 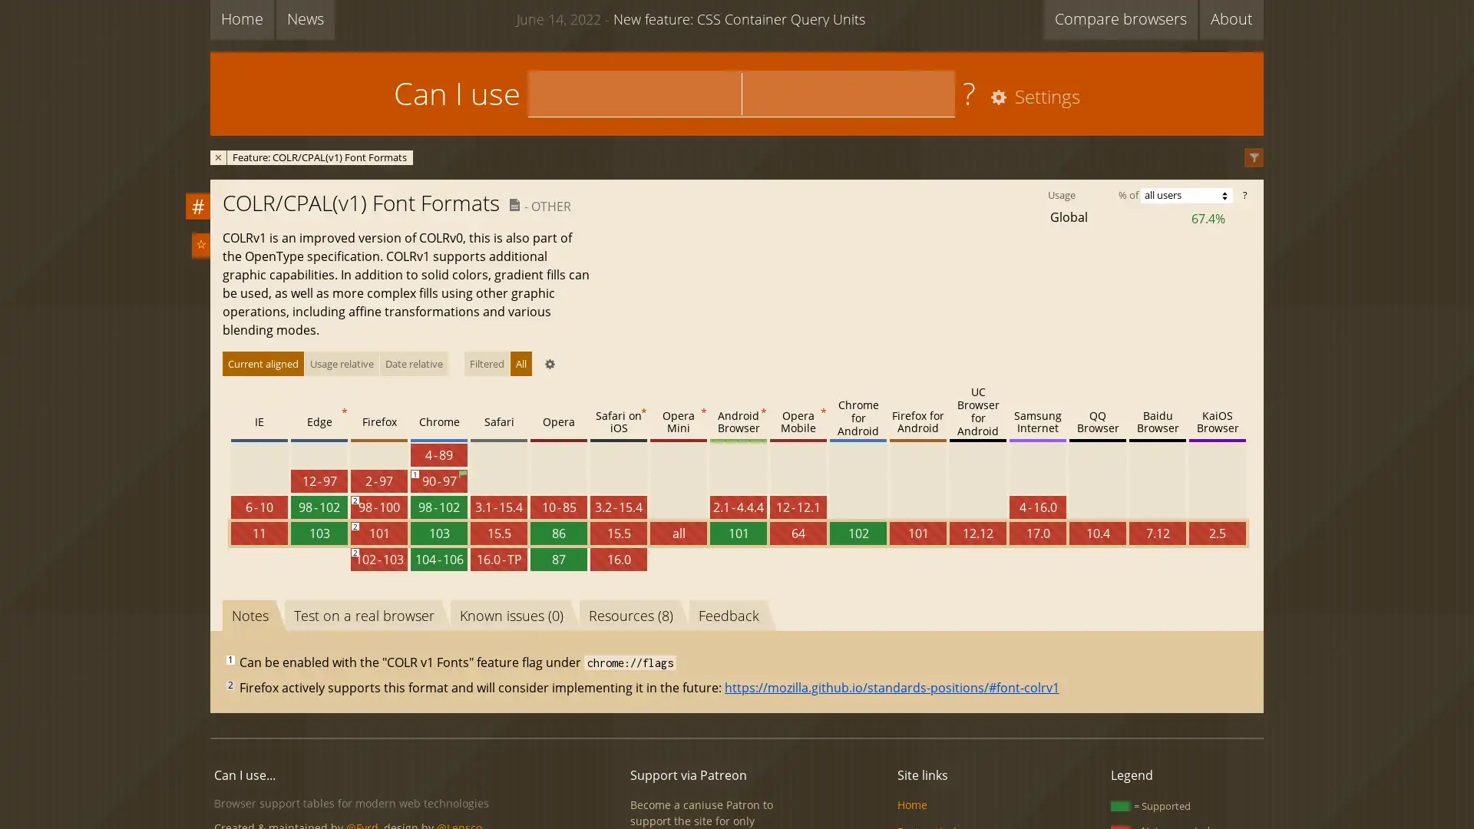 I want to click on Filtered, so click(x=486, y=364).